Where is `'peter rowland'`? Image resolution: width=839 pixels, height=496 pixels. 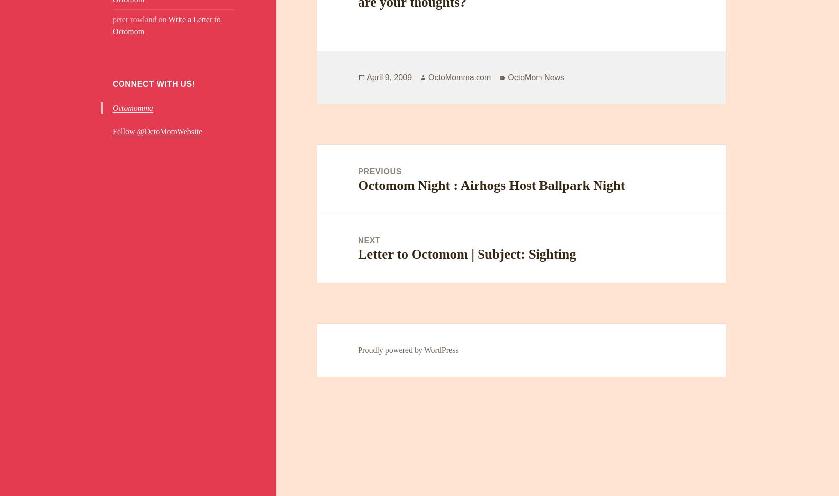 'peter rowland' is located at coordinates (134, 19).